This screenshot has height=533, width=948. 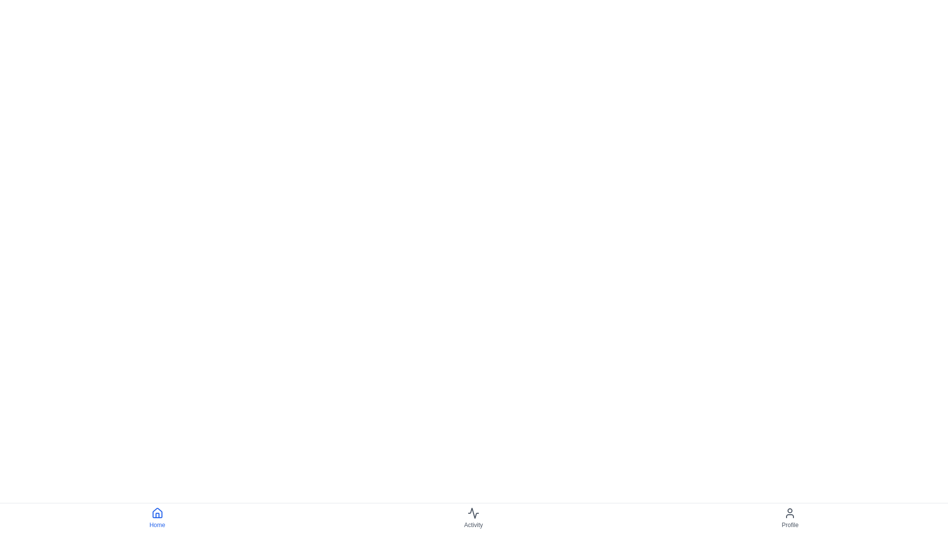 I want to click on the 'Activity' button to navigate to the Activity section, so click(x=473, y=517).